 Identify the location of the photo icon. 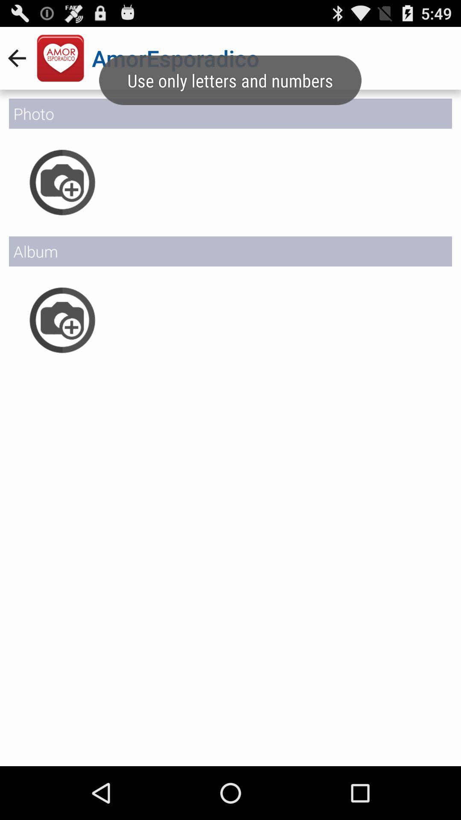
(62, 195).